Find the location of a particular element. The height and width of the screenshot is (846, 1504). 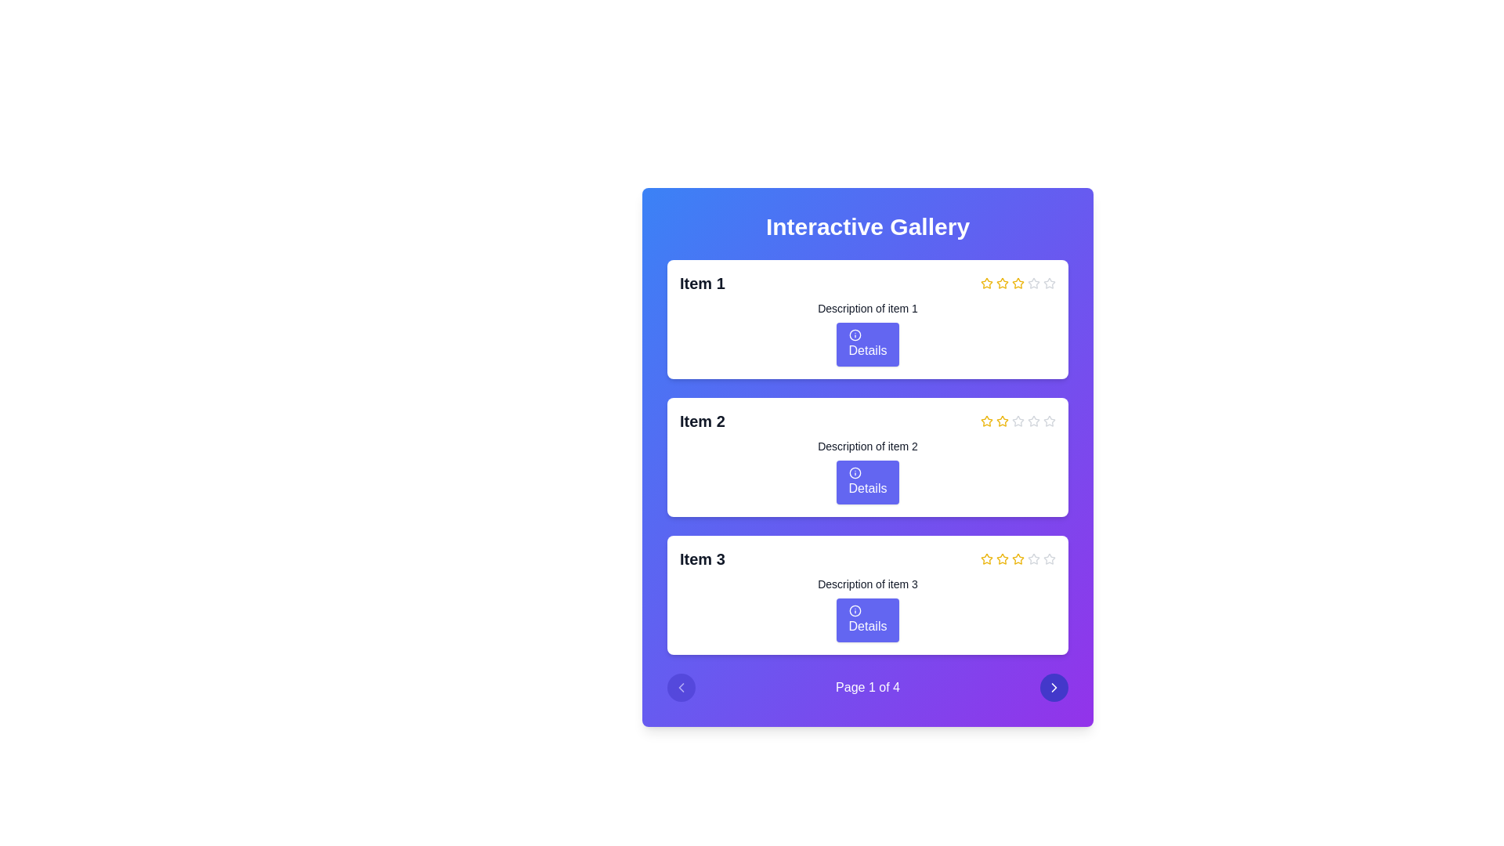

the second star icon in the rating group to set a rating is located at coordinates (985, 419).